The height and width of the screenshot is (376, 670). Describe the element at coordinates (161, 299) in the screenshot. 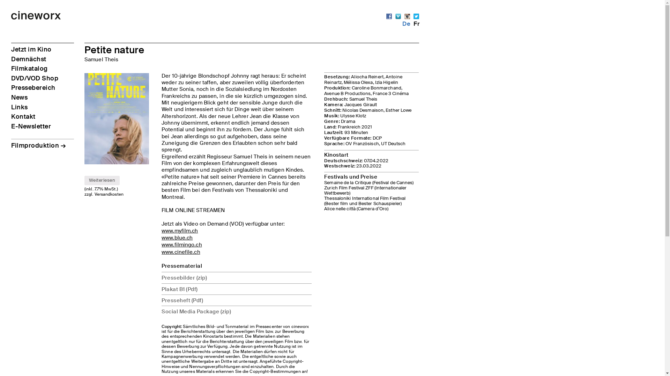

I see `'Presseheft (Pdf)'` at that location.